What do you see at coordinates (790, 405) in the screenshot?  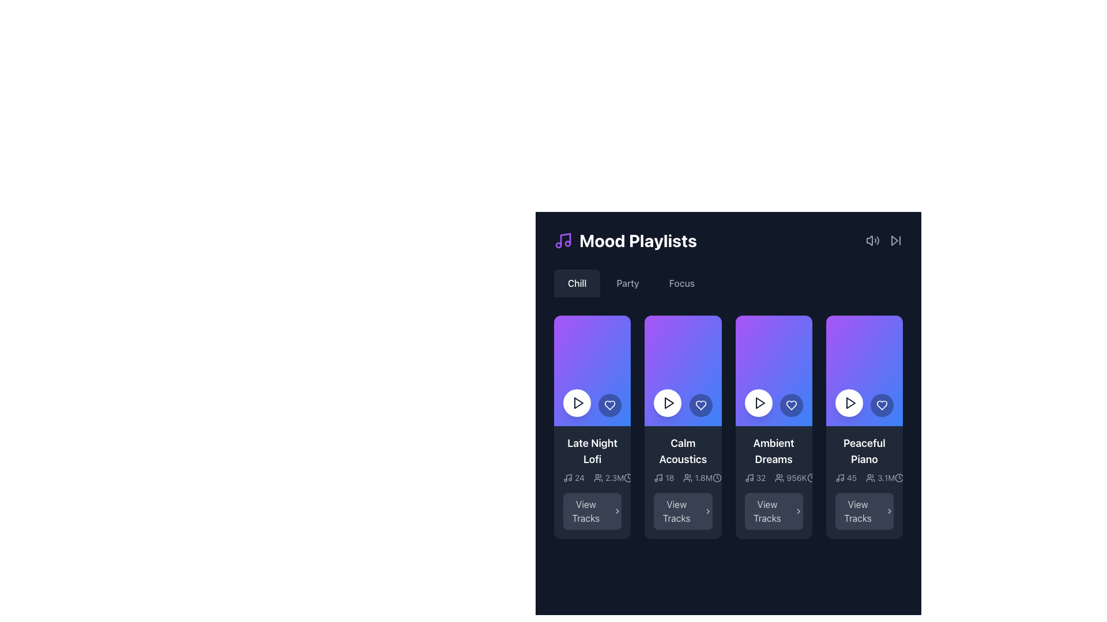 I see `the heart-shaped icon with a hollow outline, styled in white, located in the lower part of the 'Ambient Dreams' playlist card, adjacent to the play button` at bounding box center [790, 405].